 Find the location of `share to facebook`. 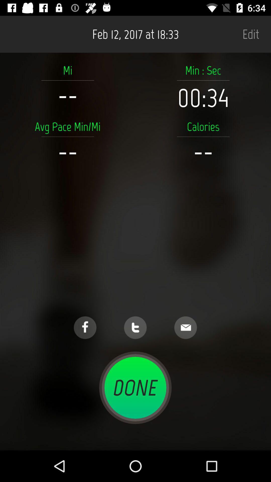

share to facebook is located at coordinates (85, 328).